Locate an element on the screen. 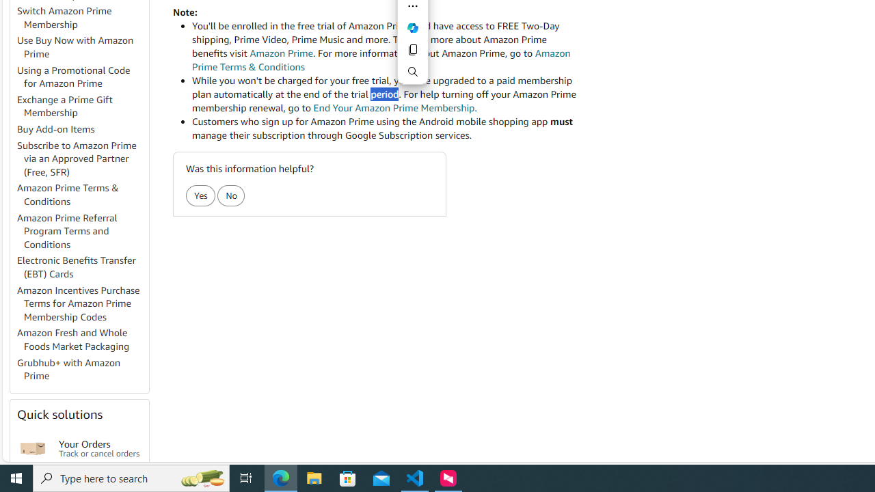  'Amazon Prime Referral Program Terms and Conditions' is located at coordinates (81, 230).